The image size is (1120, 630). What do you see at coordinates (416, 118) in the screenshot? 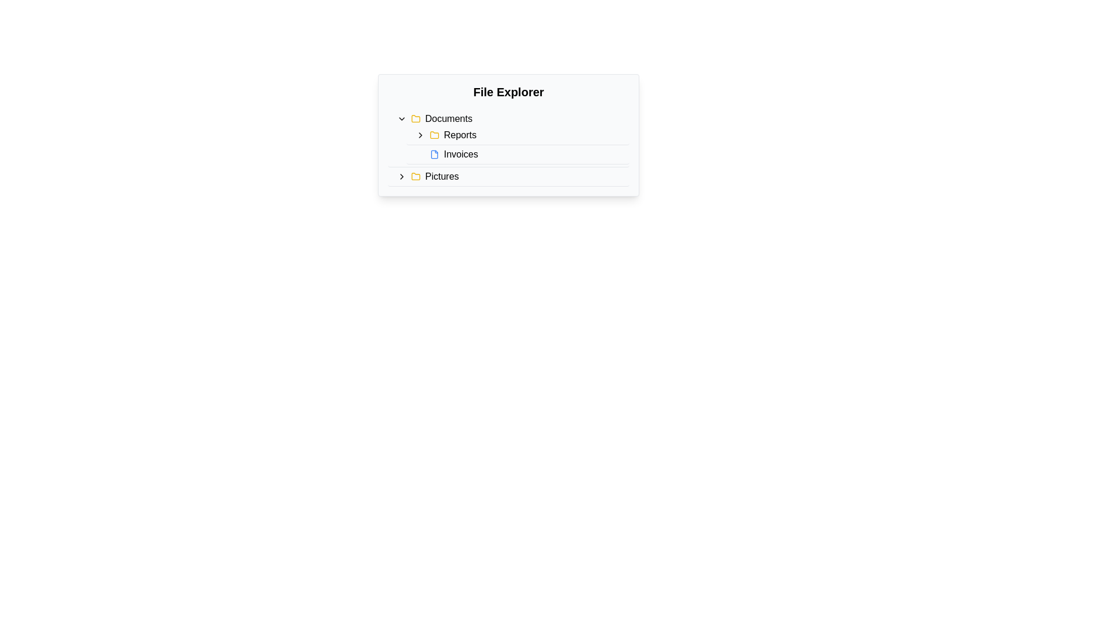
I see `the folder icon in the file explorer interface, which is visually represented by a yellowish folder and positioned to the left of the 'Documents' label` at bounding box center [416, 118].